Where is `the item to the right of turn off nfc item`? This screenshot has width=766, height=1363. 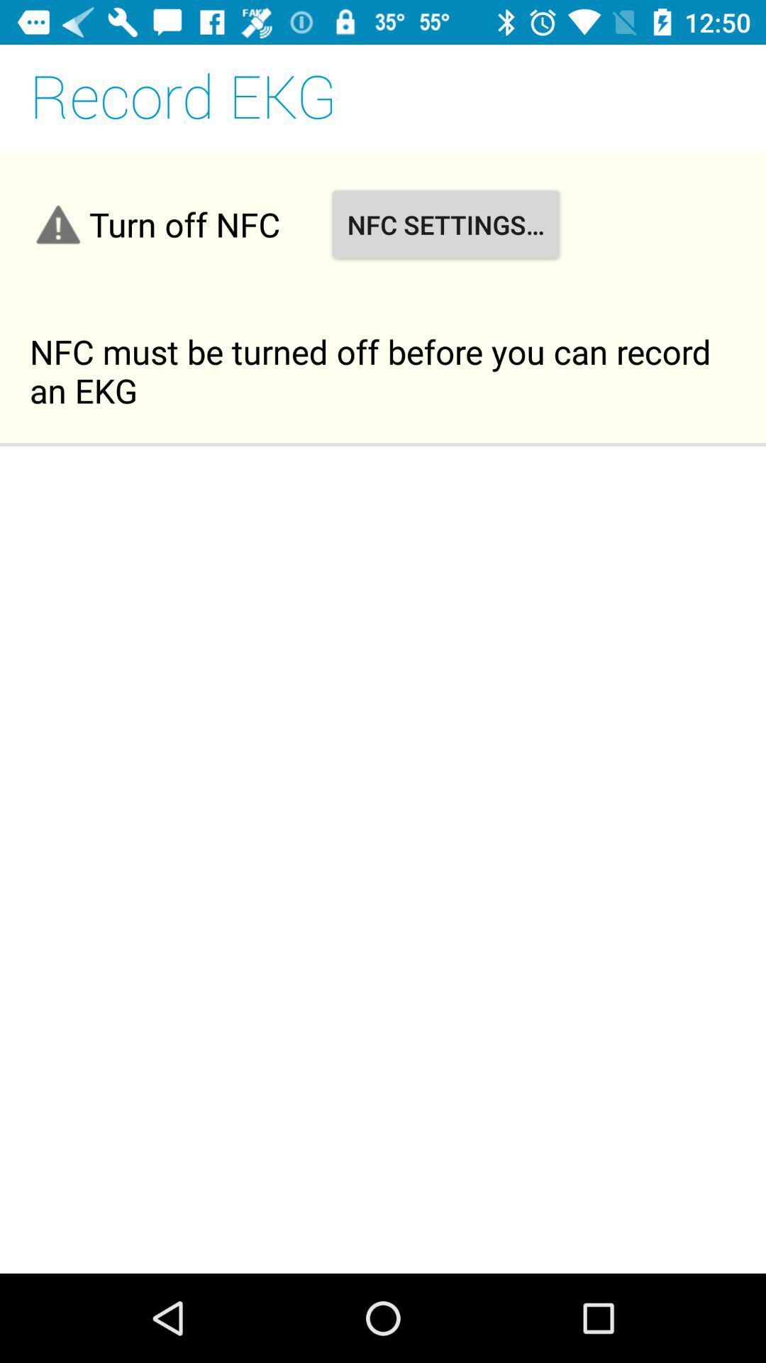 the item to the right of turn off nfc item is located at coordinates (445, 224).